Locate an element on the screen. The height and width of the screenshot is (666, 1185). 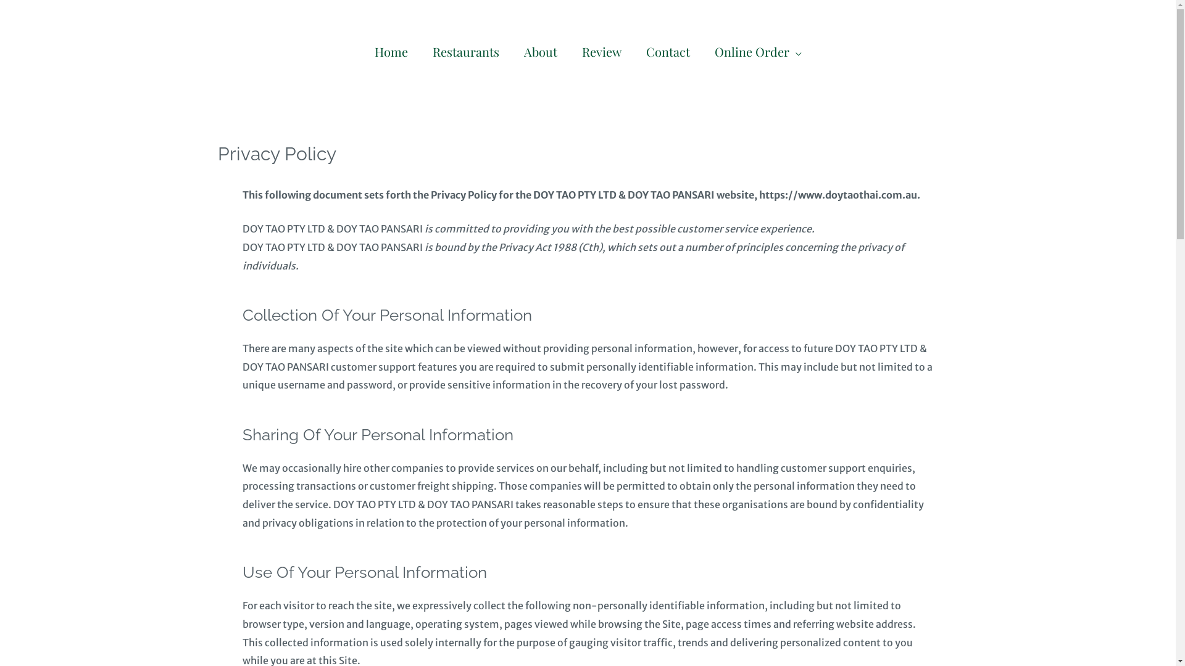
'Home' is located at coordinates (390, 50).